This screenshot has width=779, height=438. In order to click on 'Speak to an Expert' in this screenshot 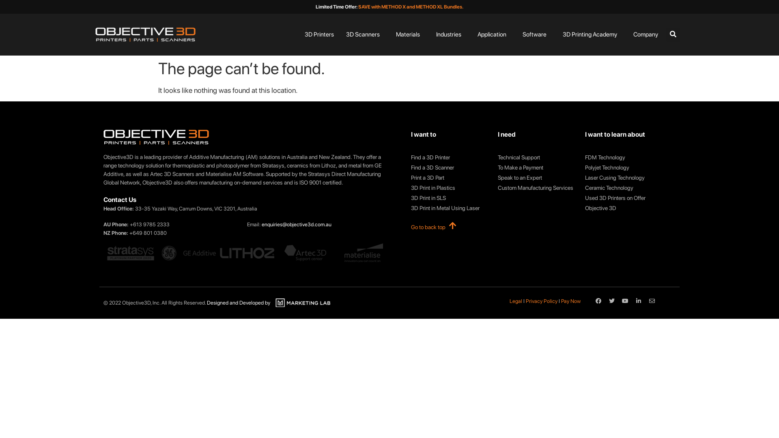, I will do `click(497, 177)`.